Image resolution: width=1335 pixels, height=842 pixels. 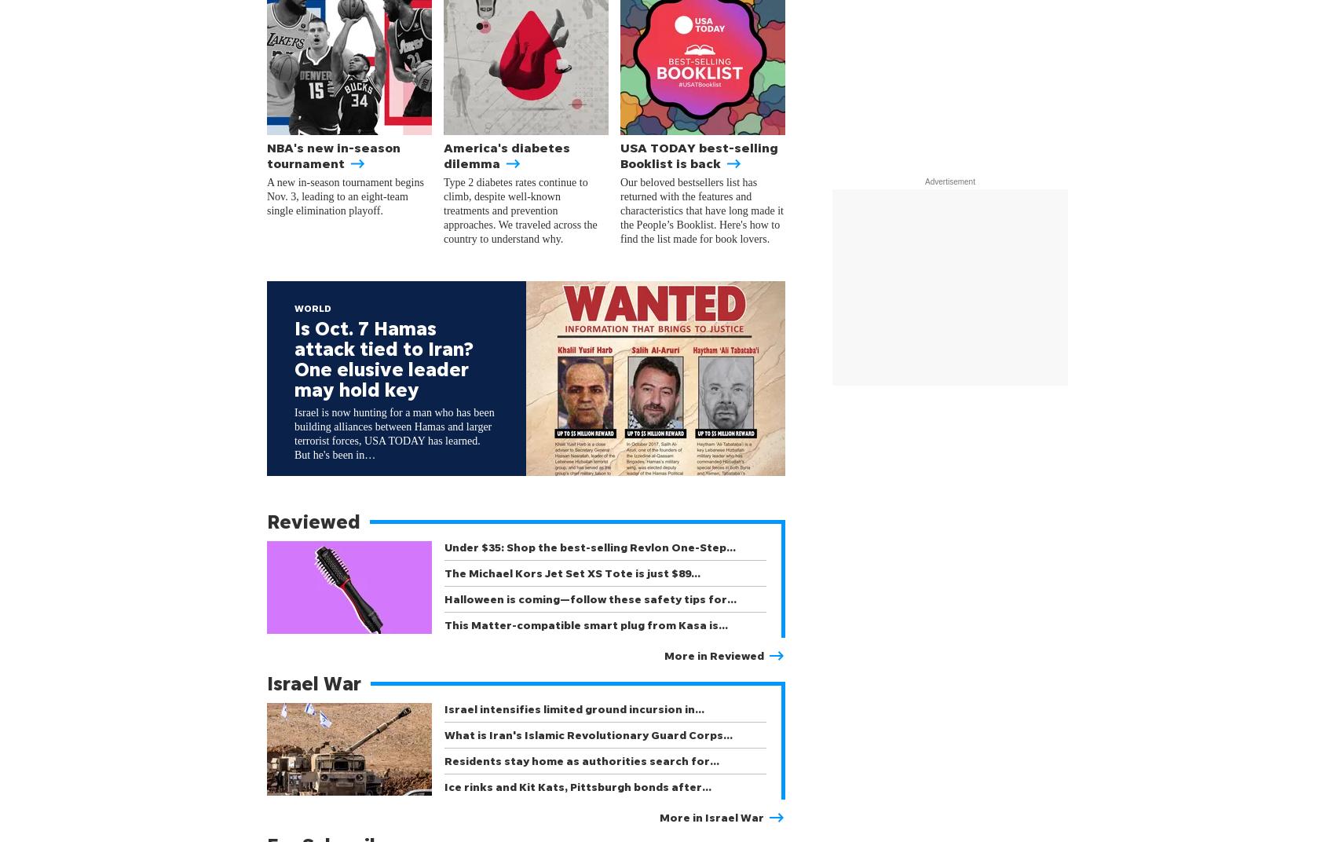 What do you see at coordinates (585, 624) in the screenshot?
I see `'This Matter-compatible smart plug from Kasa is…'` at bounding box center [585, 624].